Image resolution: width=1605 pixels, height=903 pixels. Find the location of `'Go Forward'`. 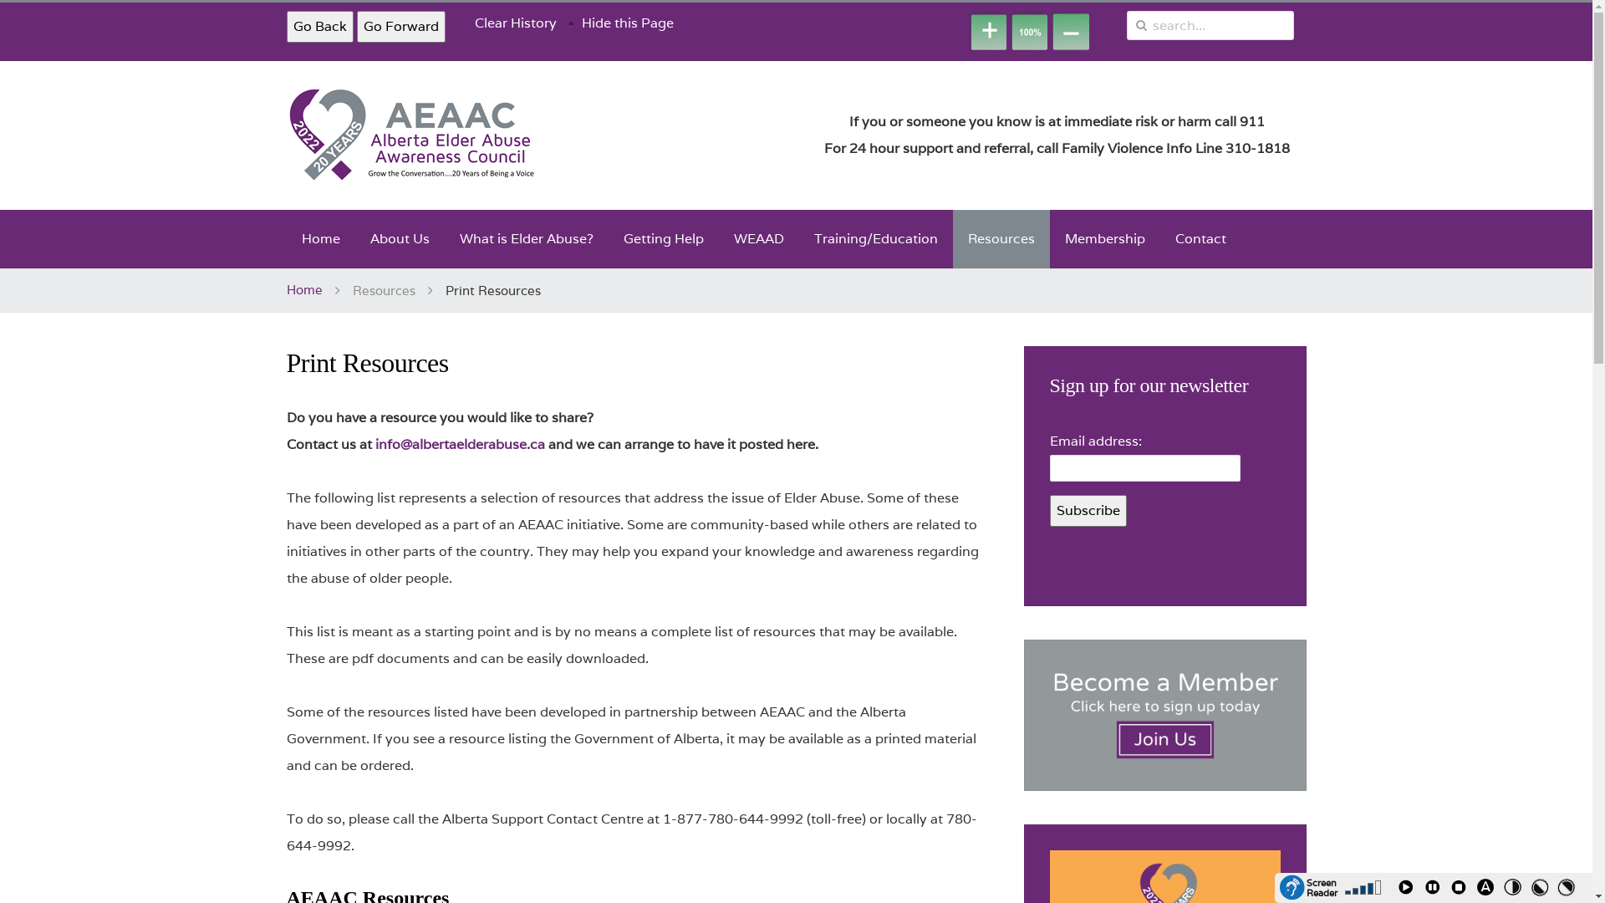

'Go Forward' is located at coordinates (400, 26).